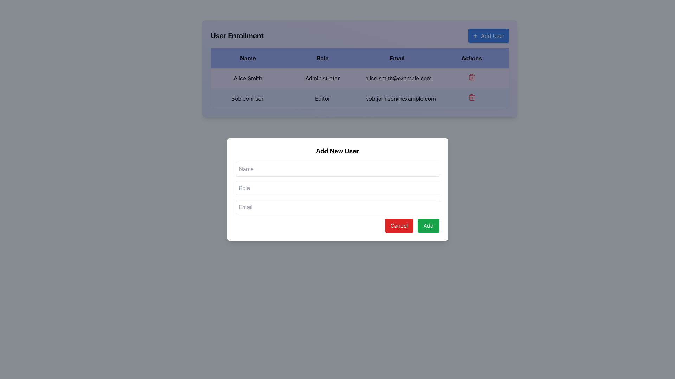  What do you see at coordinates (471, 97) in the screenshot?
I see `the red trash bin icon in the Actions column of the data table` at bounding box center [471, 97].